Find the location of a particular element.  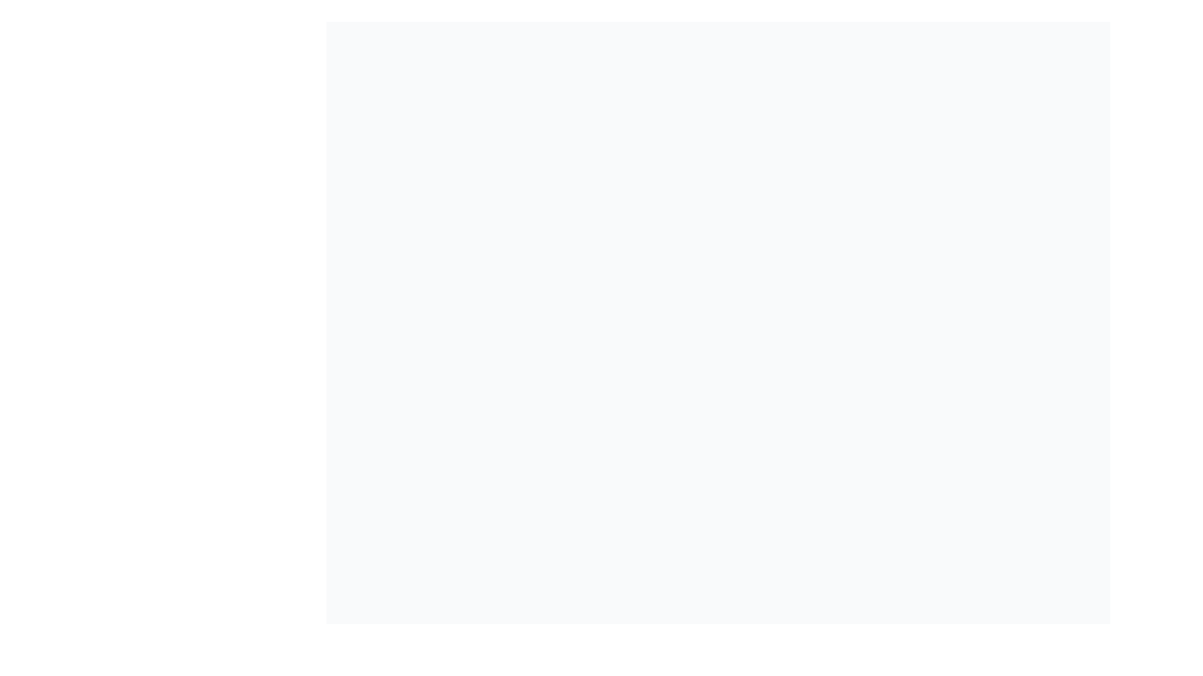

the Settings tab in the bottom navigation is located at coordinates (753, 657).